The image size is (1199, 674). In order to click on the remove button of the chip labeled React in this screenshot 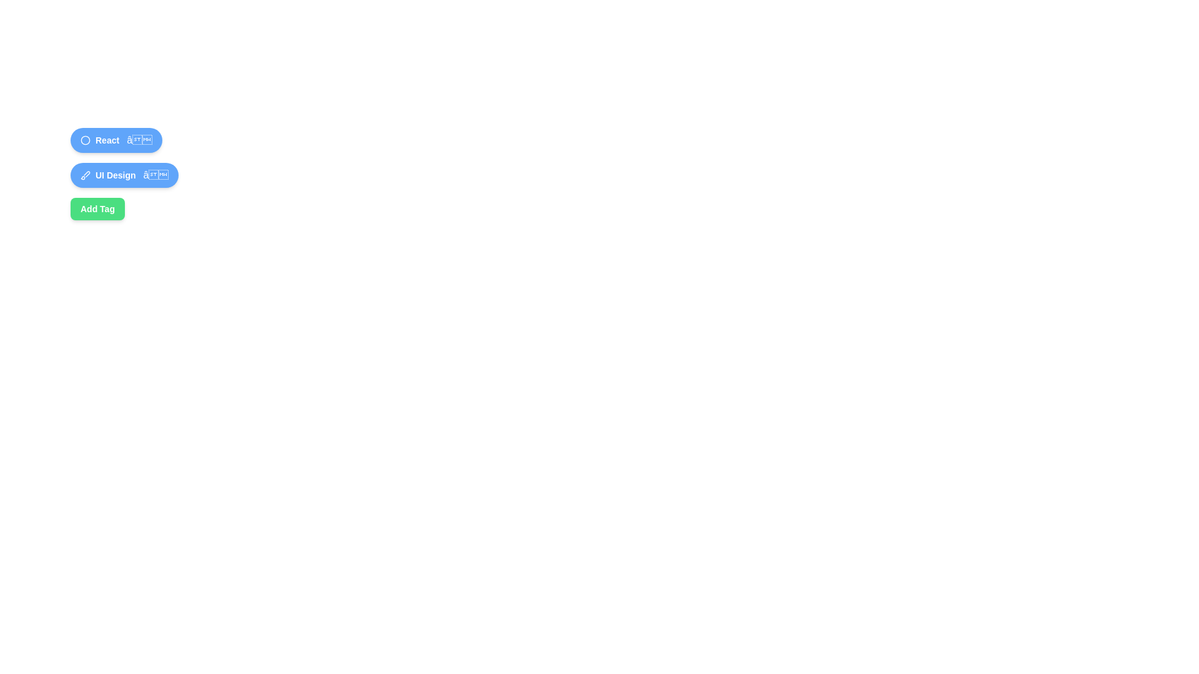, I will do `click(139, 140)`.